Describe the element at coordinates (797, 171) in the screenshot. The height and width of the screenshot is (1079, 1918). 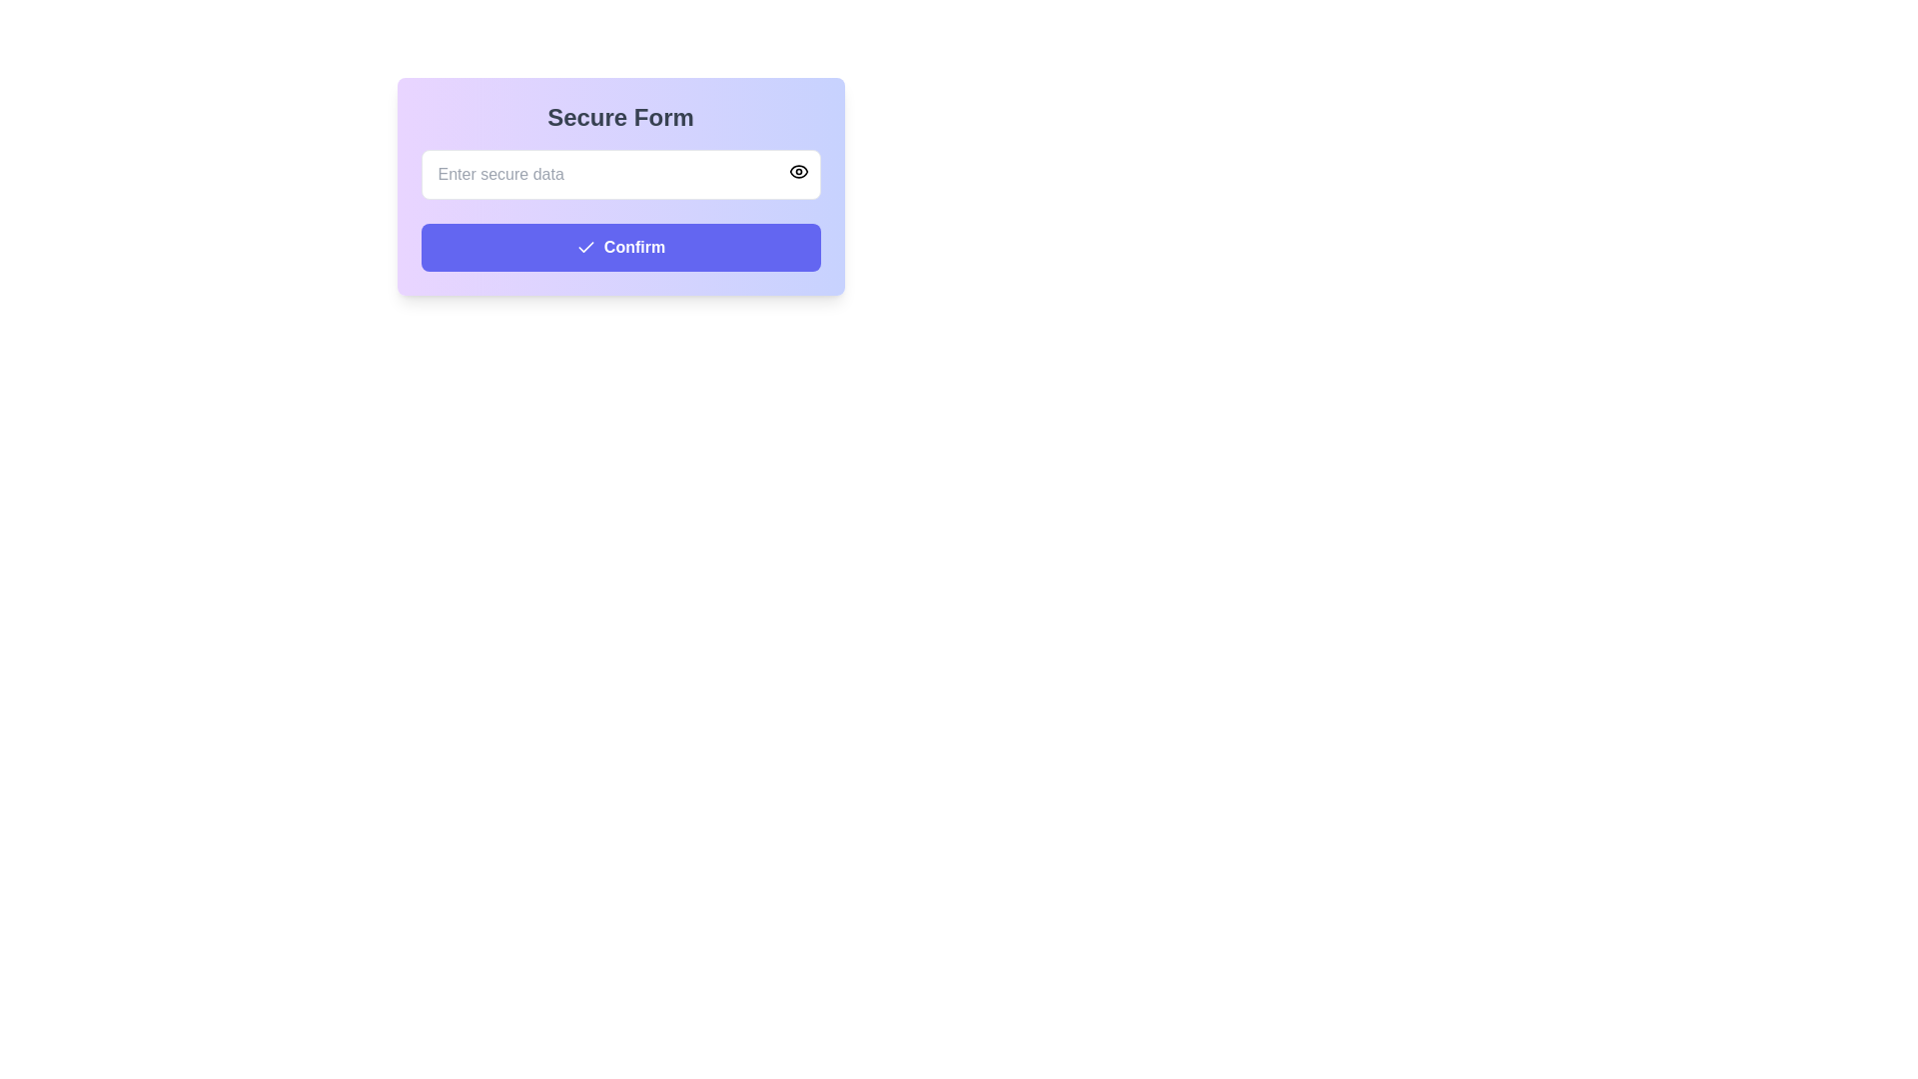
I see `the toggle visibility button located at the top right corner of the password input field to show or hide the password characters` at that location.